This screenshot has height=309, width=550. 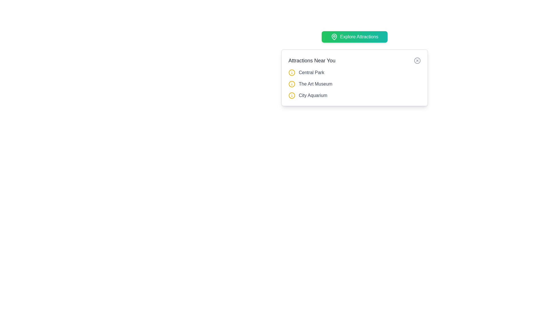 I want to click on text label representing the name of a location, which is the last item in a vertical list of attractions within a white floating card, positioned below 'The Art Museum', so click(x=313, y=95).